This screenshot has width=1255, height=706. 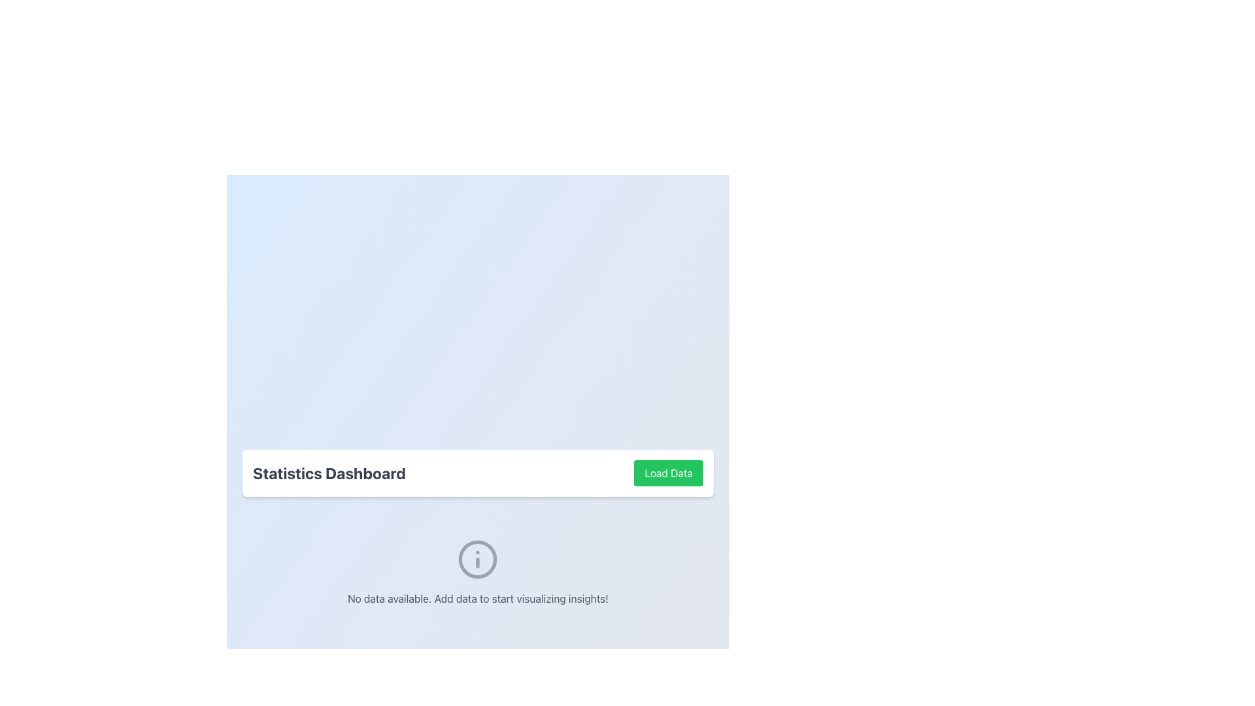 I want to click on the circular 'info' icon in the informational message that indicates the absence of data, located below the 'Statistics Dashboard' heading and 'Load Data' button, so click(x=477, y=571).